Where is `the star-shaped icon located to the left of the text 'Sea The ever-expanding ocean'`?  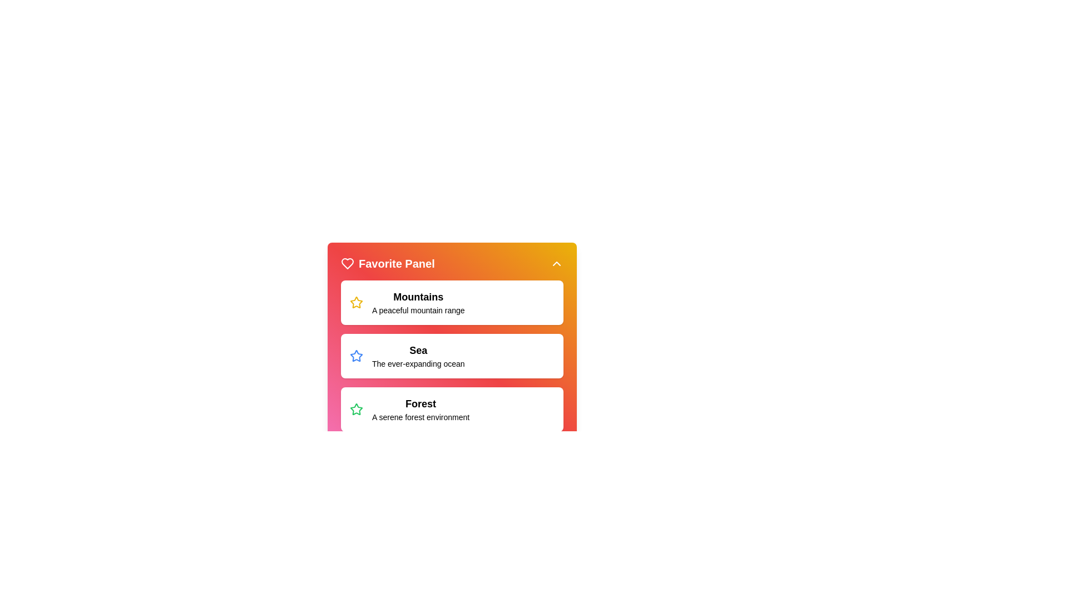
the star-shaped icon located to the left of the text 'Sea The ever-expanding ocean' is located at coordinates (357, 356).